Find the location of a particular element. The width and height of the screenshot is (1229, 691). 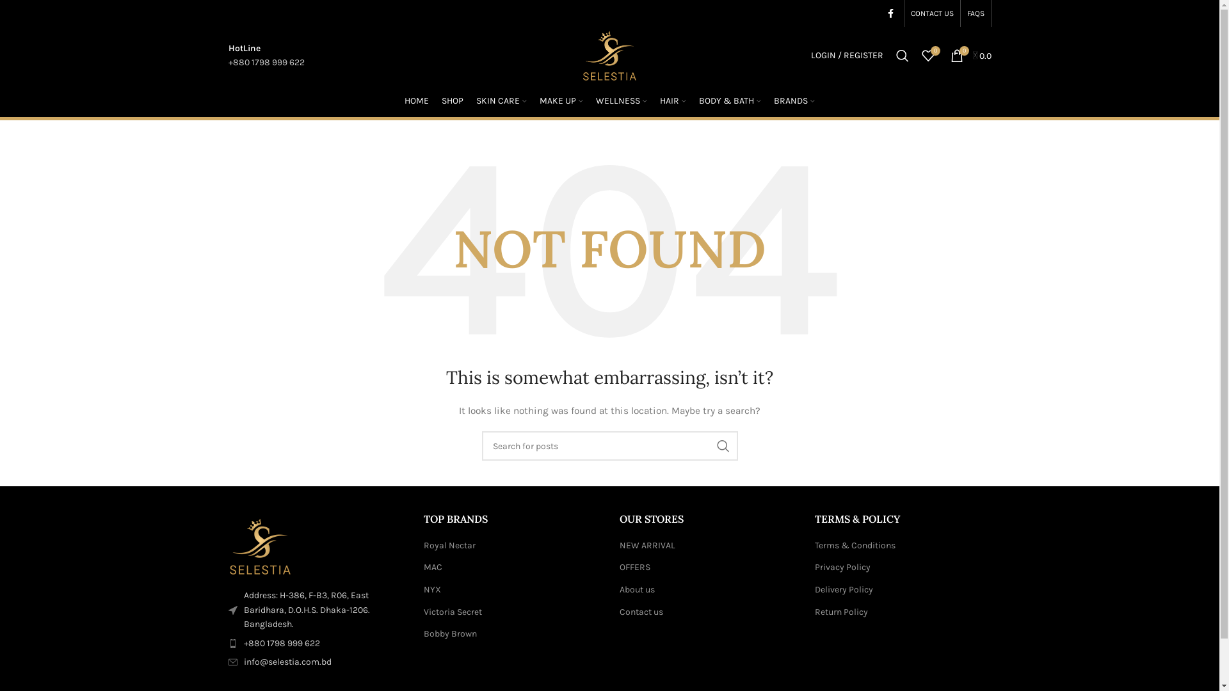

'HAIR' is located at coordinates (672, 100).